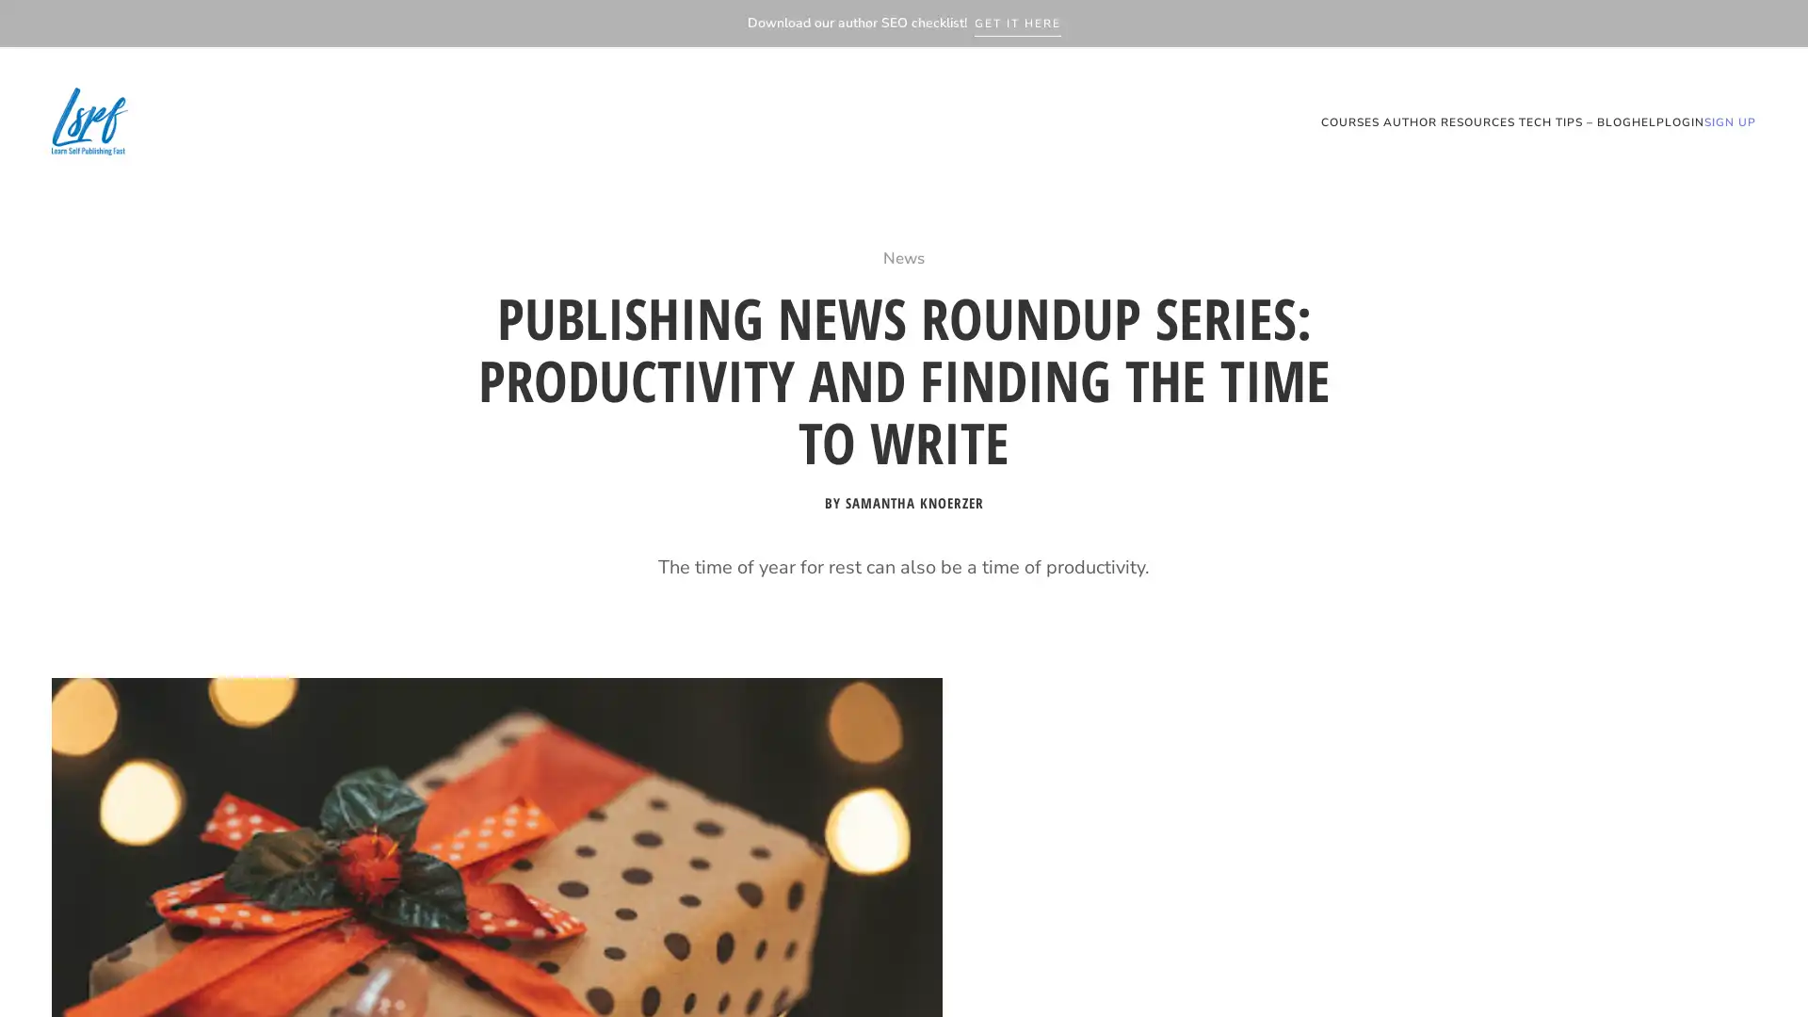  What do you see at coordinates (835, 603) in the screenshot?
I see `GET IT NOW!` at bounding box center [835, 603].